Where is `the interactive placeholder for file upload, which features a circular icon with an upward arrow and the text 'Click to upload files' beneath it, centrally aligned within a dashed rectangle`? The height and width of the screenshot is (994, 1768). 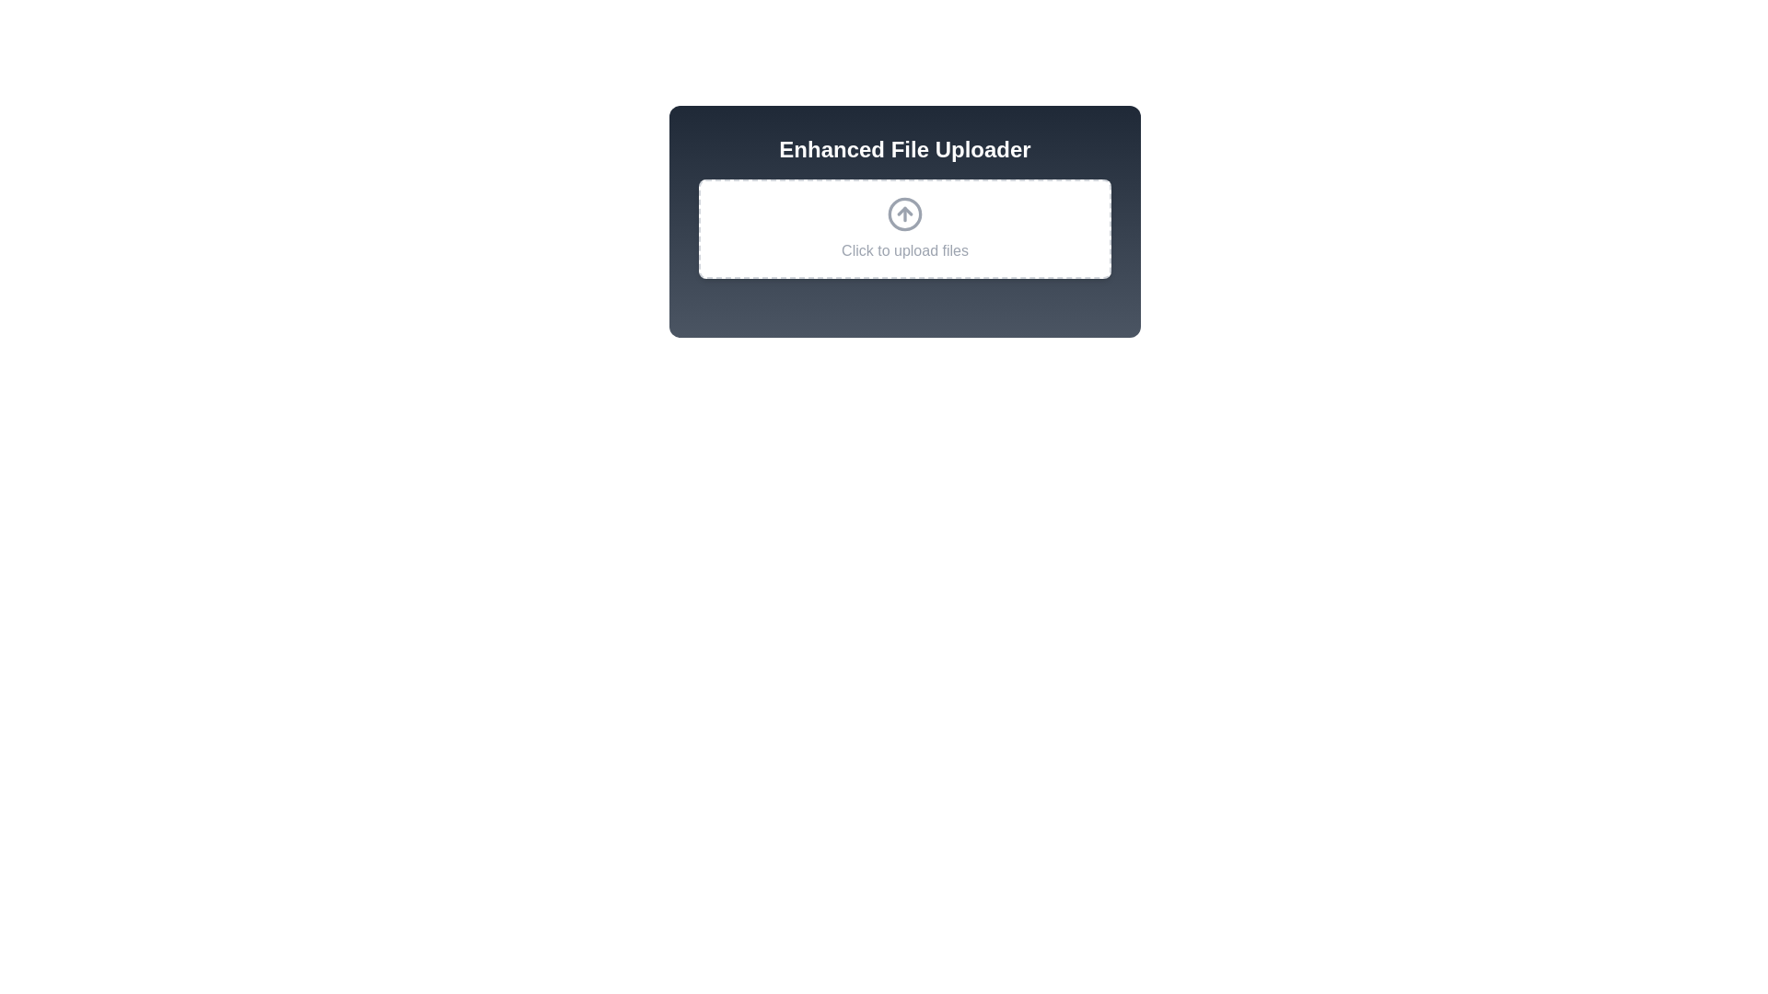
the interactive placeholder for file upload, which features a circular icon with an upward arrow and the text 'Click to upload files' beneath it, centrally aligned within a dashed rectangle is located at coordinates (905, 228).